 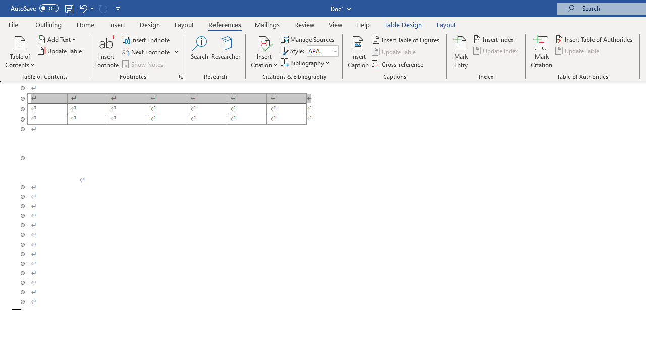 What do you see at coordinates (146, 52) in the screenshot?
I see `'Next Footnote'` at bounding box center [146, 52].